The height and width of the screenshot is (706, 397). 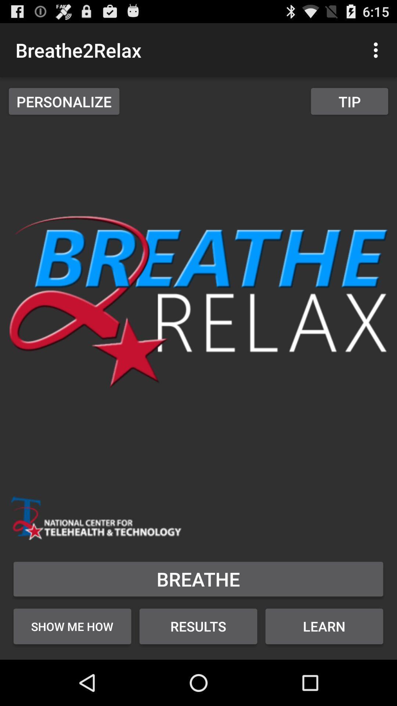 I want to click on the personalize item, so click(x=64, y=101).